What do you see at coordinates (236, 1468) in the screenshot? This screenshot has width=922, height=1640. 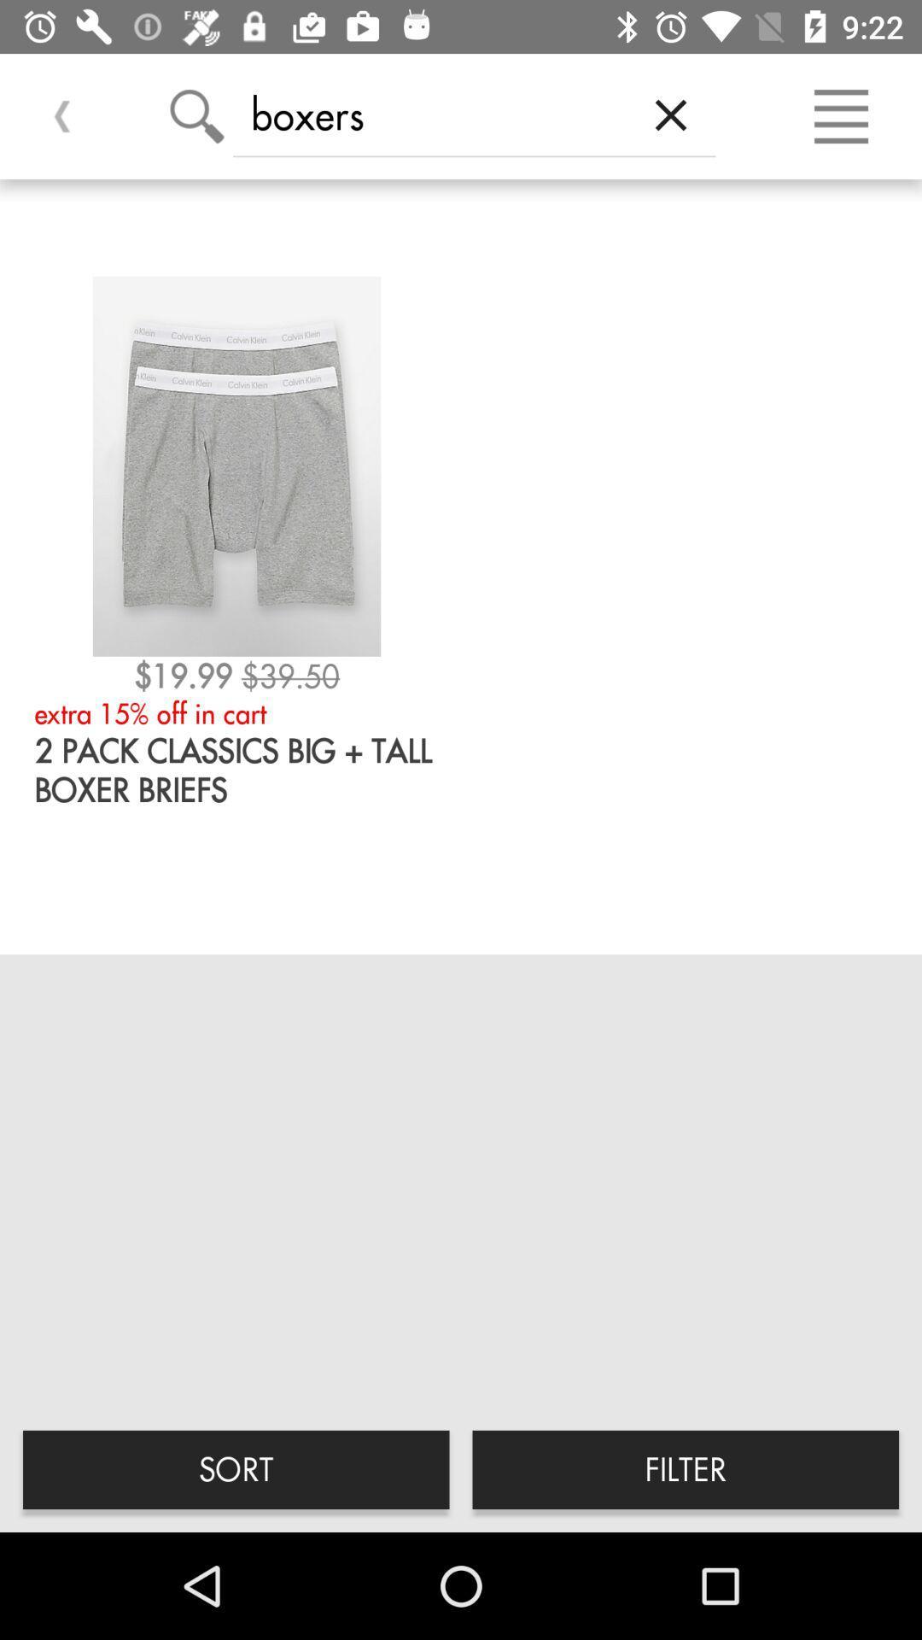 I see `icon to the left of the filter item` at bounding box center [236, 1468].